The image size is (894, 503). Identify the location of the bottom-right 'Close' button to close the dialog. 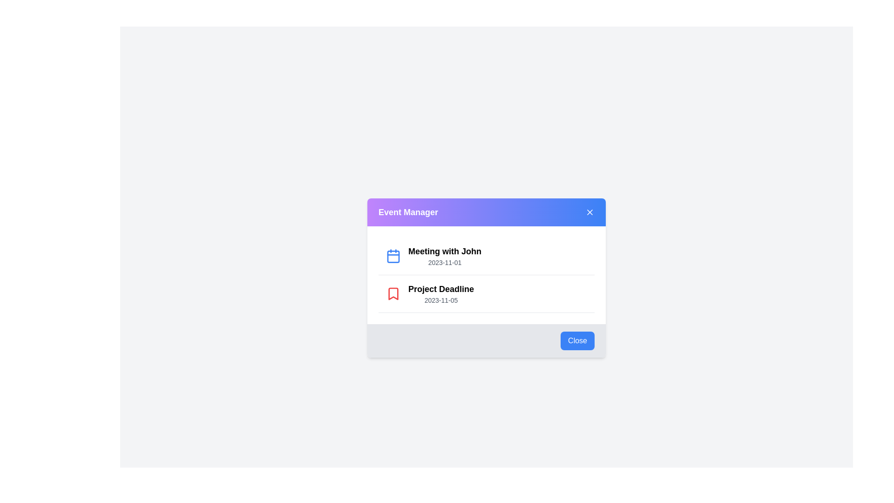
(577, 341).